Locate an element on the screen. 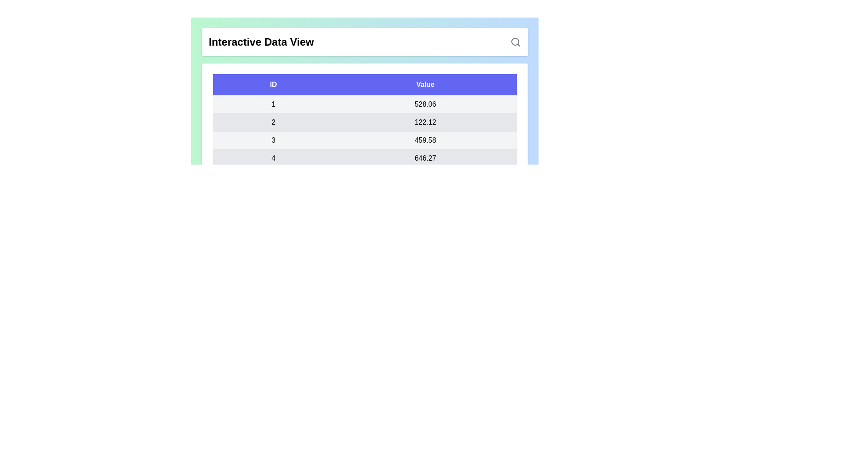 The height and width of the screenshot is (474, 842). the column header ID to sort the table is located at coordinates (273, 85).